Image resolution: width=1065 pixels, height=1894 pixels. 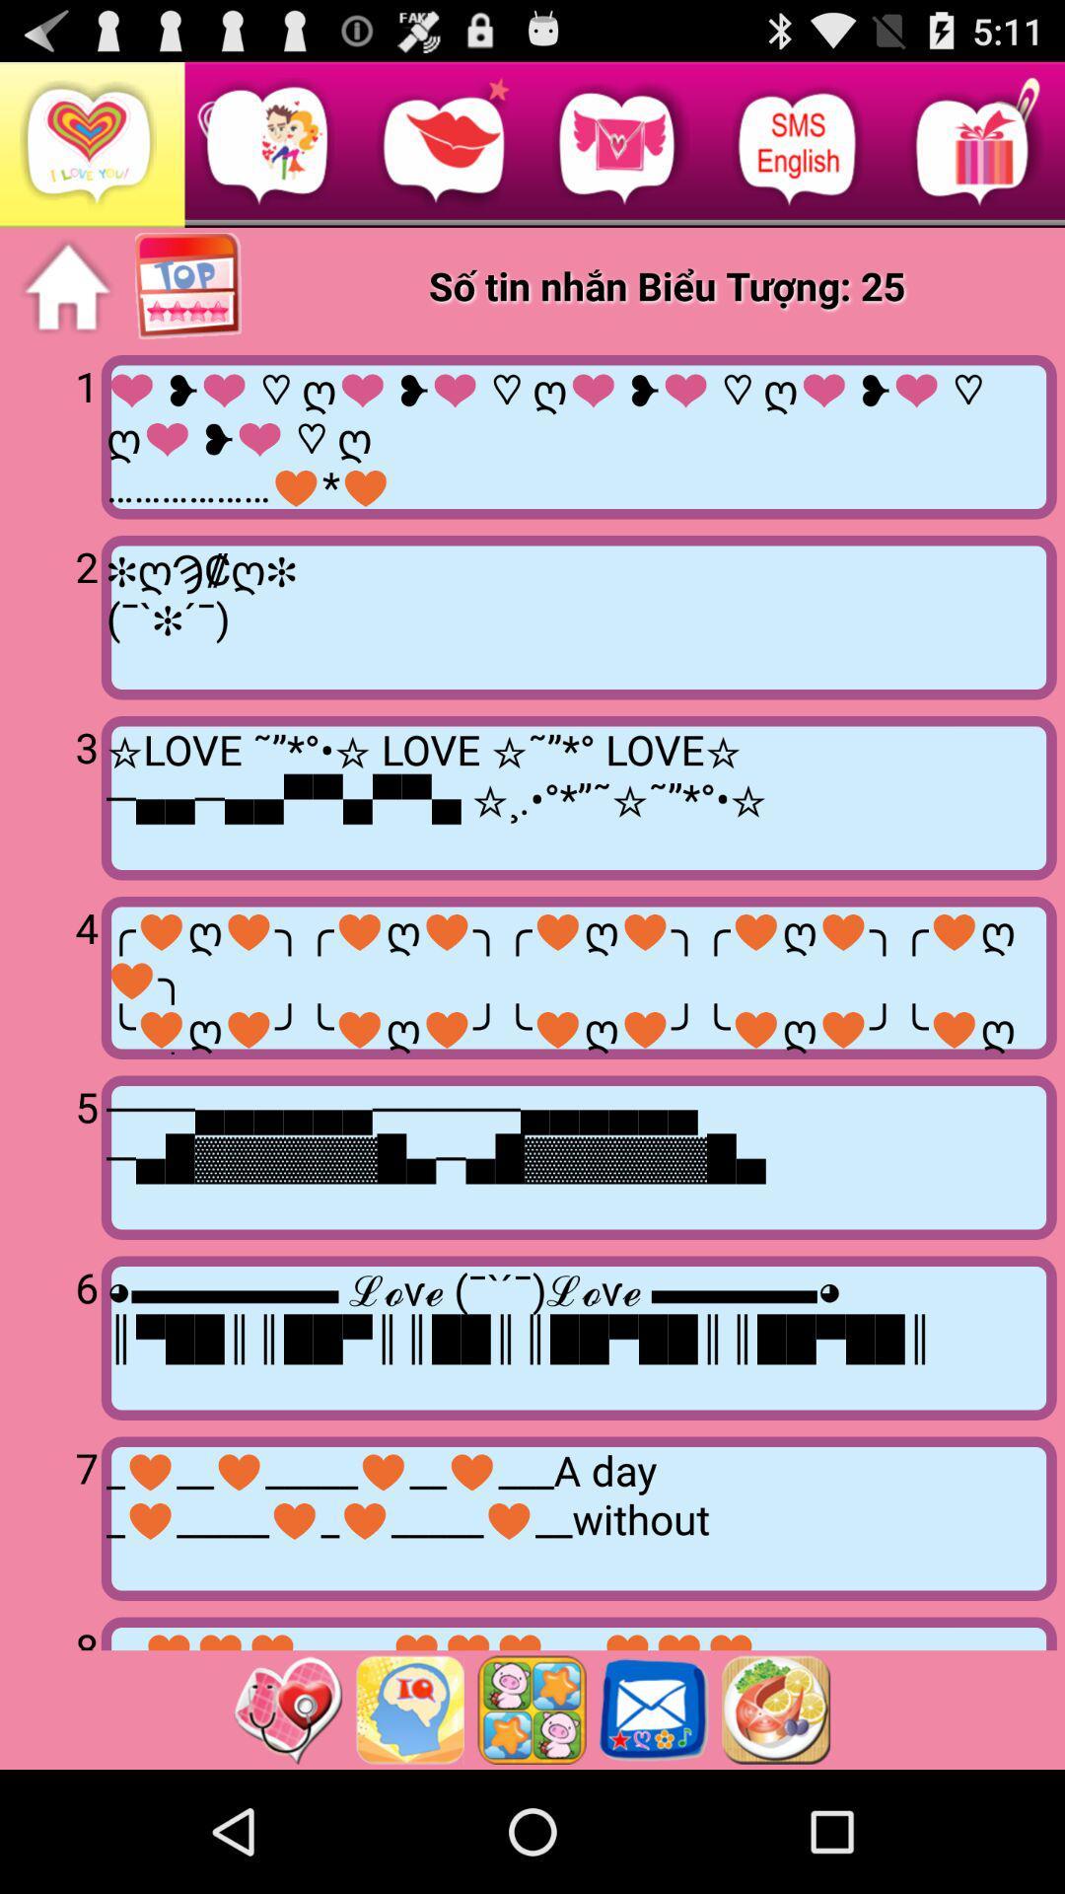 What do you see at coordinates (531, 1709) in the screenshot?
I see `app below __ _____ ___ item` at bounding box center [531, 1709].